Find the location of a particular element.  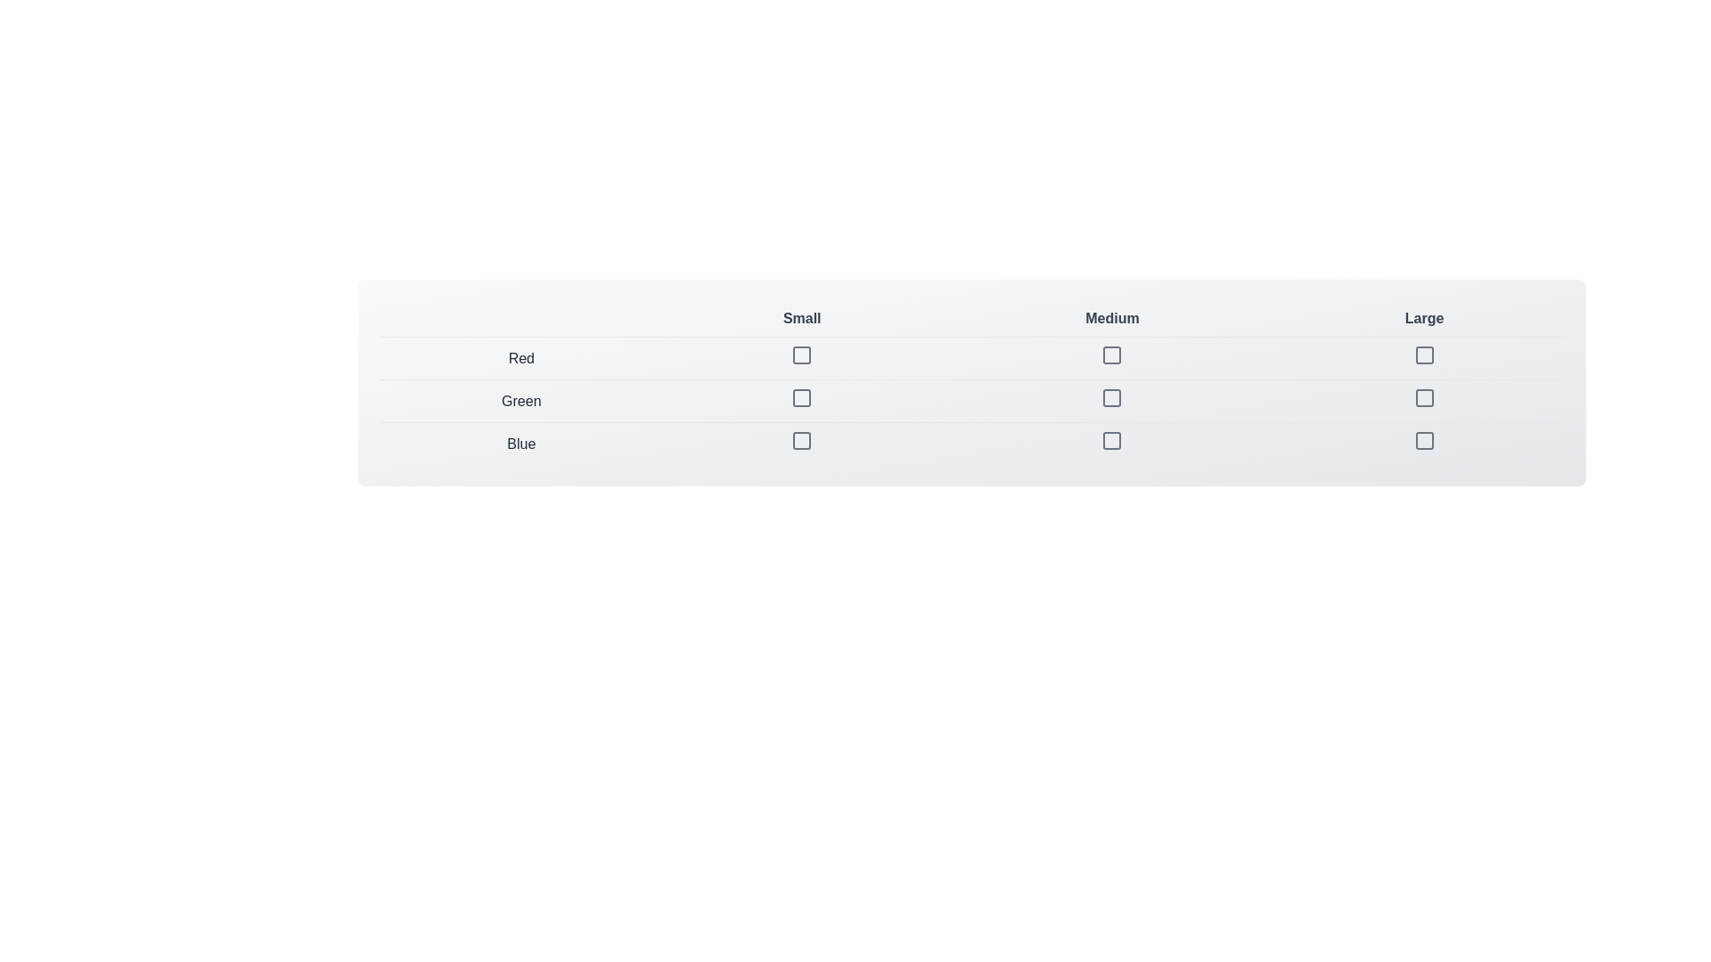

the unselected checkbox located in the 'Small' column of the 'Blue' row in the table is located at coordinates (801, 443).